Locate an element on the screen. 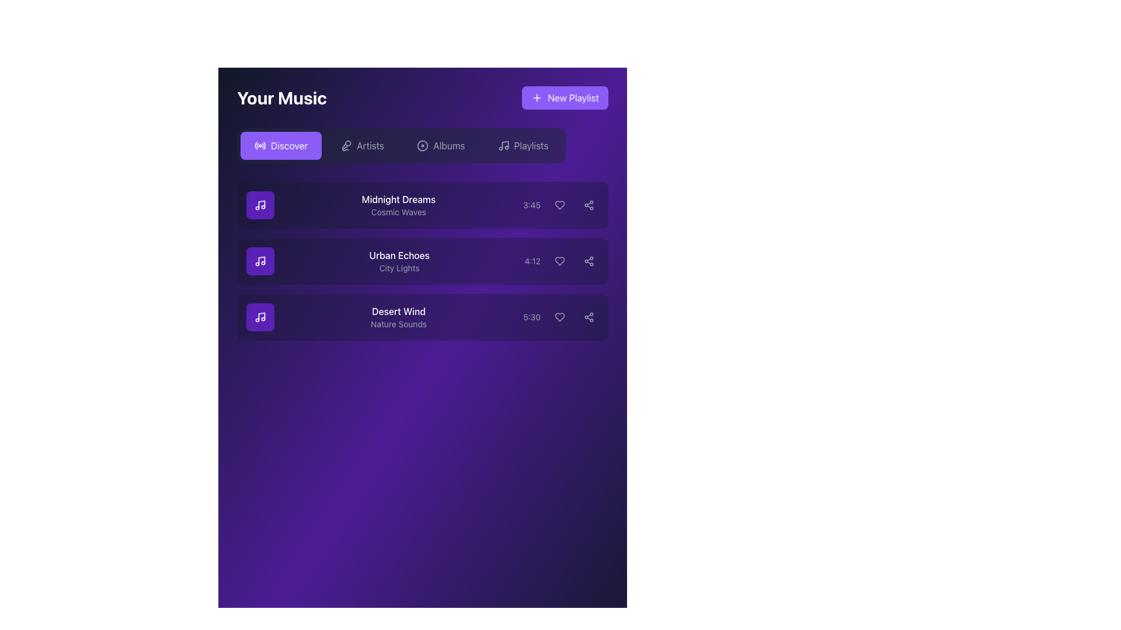  the text label displaying 'Cosmic Waves' in a small, gray font, which is positioned below the 'Midnight Dreams' label in a vertically stacked list of music entries is located at coordinates (398, 212).